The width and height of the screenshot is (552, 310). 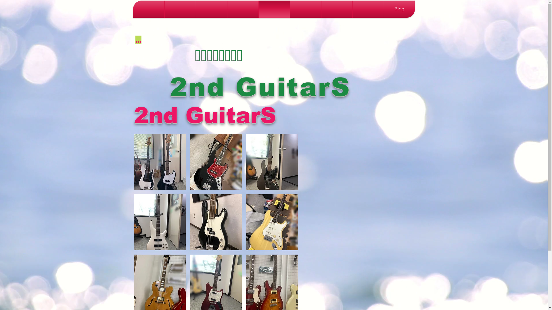 I want to click on 'Blog', so click(x=399, y=9).